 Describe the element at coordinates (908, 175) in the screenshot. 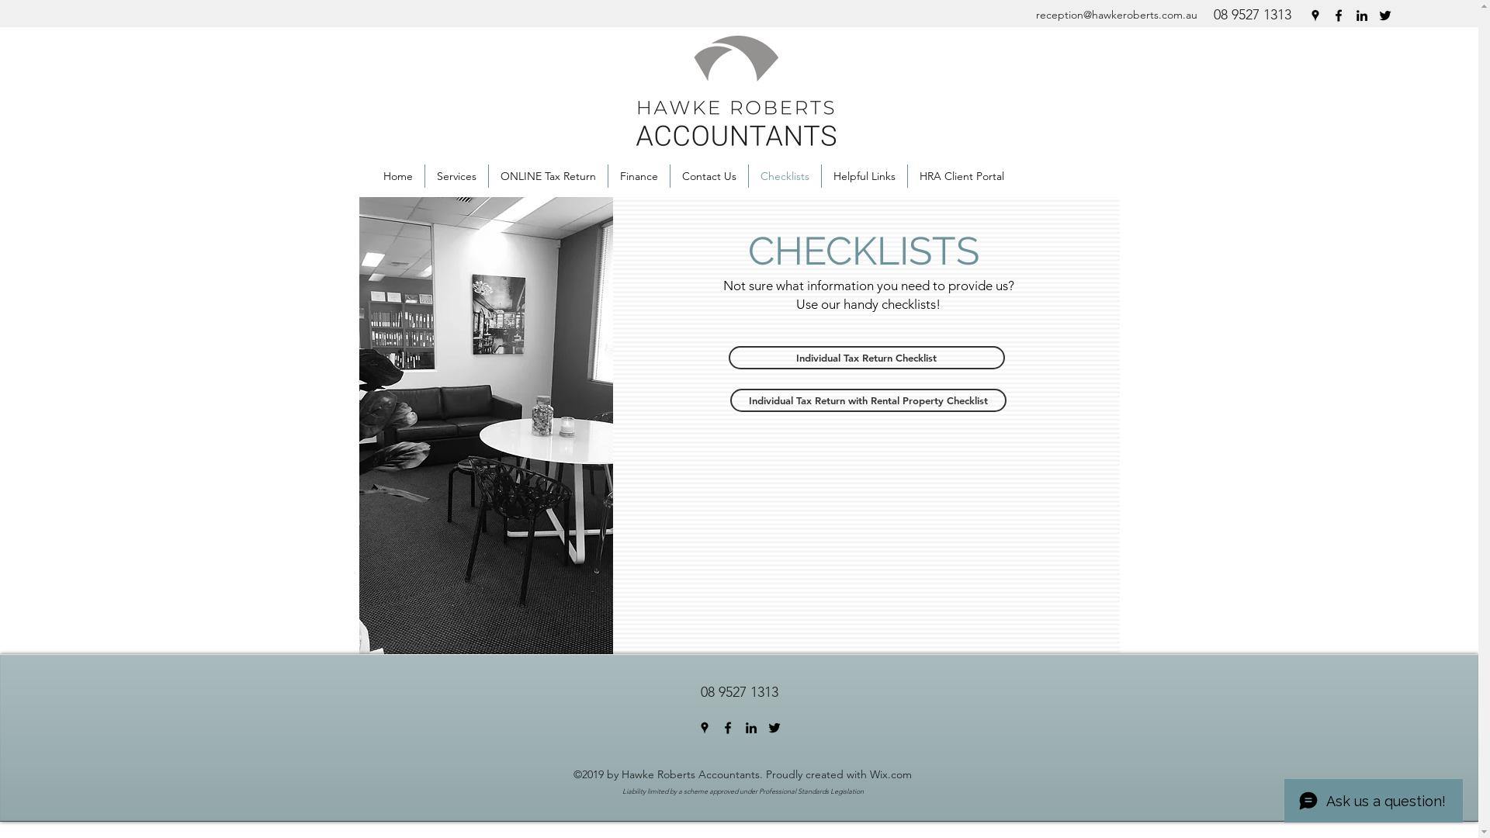

I see `'HRA Client Portal'` at that location.